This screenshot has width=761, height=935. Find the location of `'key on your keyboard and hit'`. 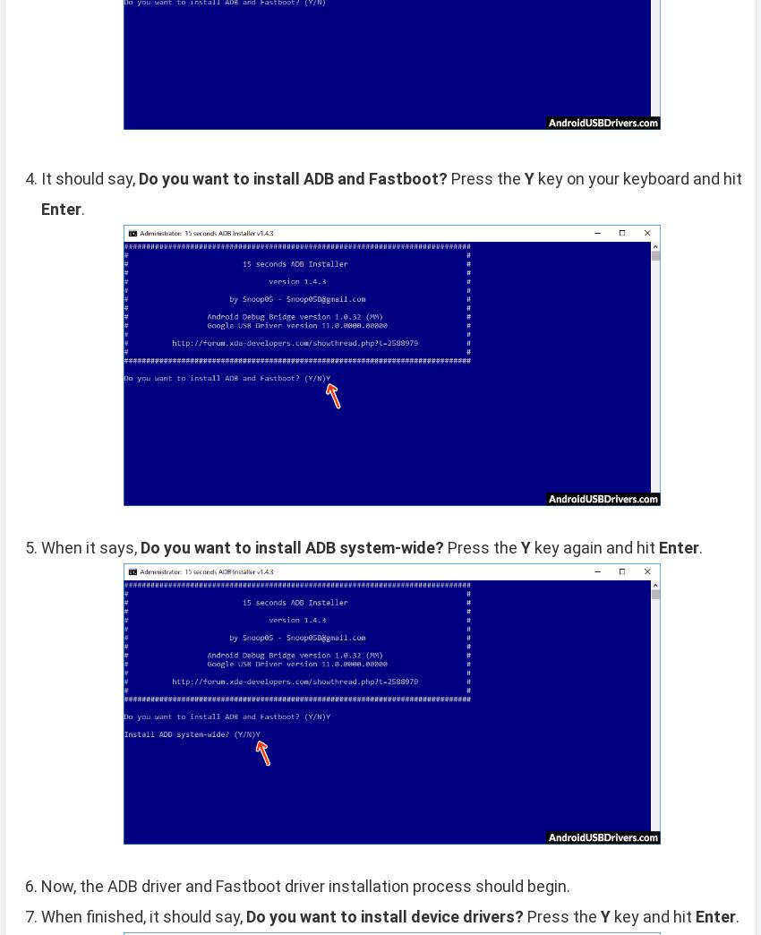

'key on your keyboard and hit' is located at coordinates (637, 177).